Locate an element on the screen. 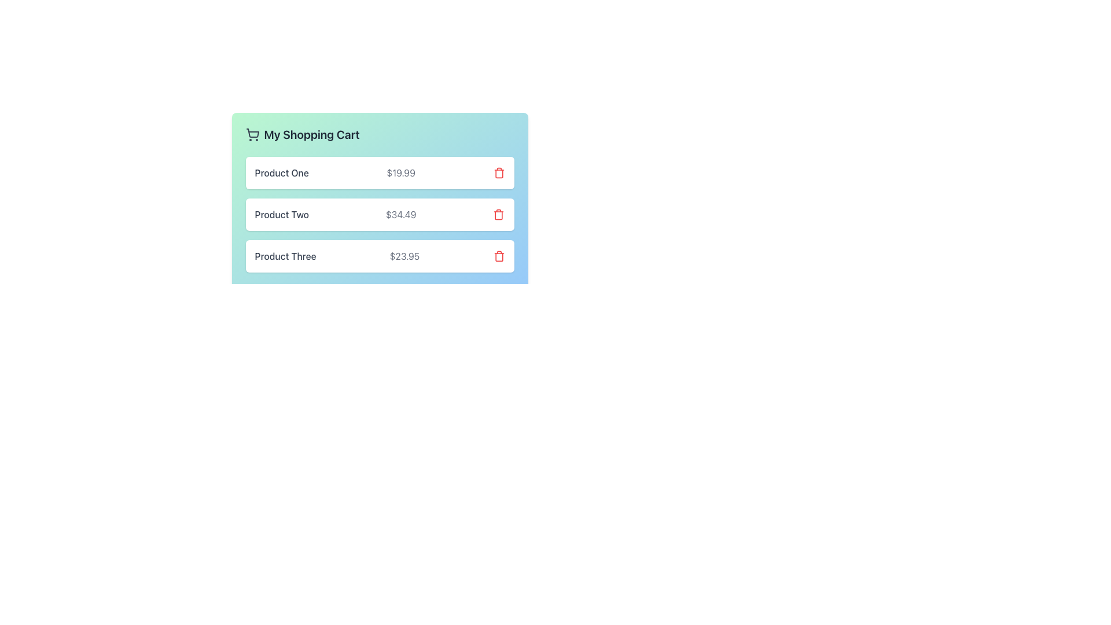 Image resolution: width=1111 pixels, height=625 pixels. the red-colored trash icon button located at the far right end of the row labeled 'Product One' in the shopping cart, positioned to the right of the price text '$19.99' is located at coordinates (499, 173).